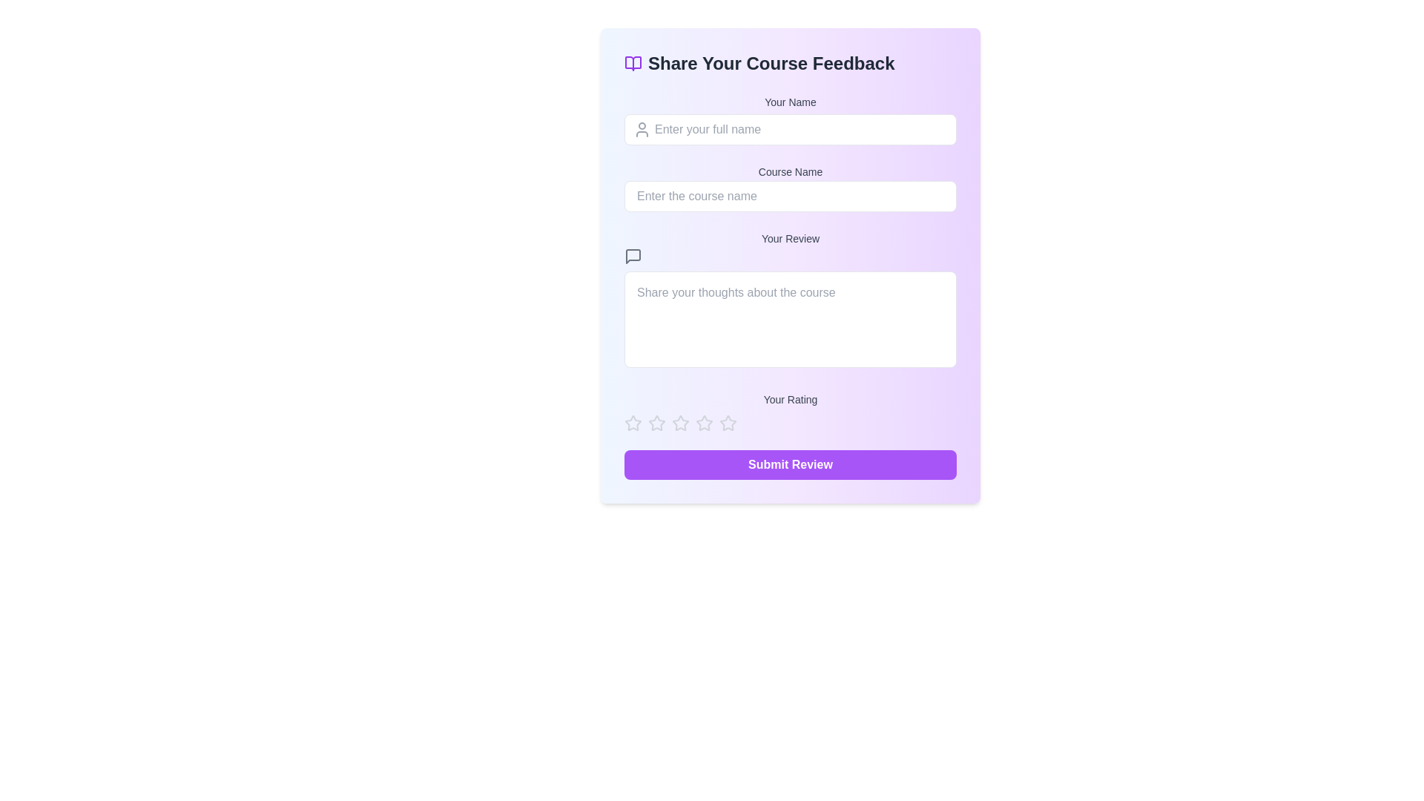 Image resolution: width=1424 pixels, height=801 pixels. What do you see at coordinates (789, 399) in the screenshot?
I see `the 'Your Rating' label text, which is styled with medium-sized gray font and located just above the star rating system in the form interface` at bounding box center [789, 399].